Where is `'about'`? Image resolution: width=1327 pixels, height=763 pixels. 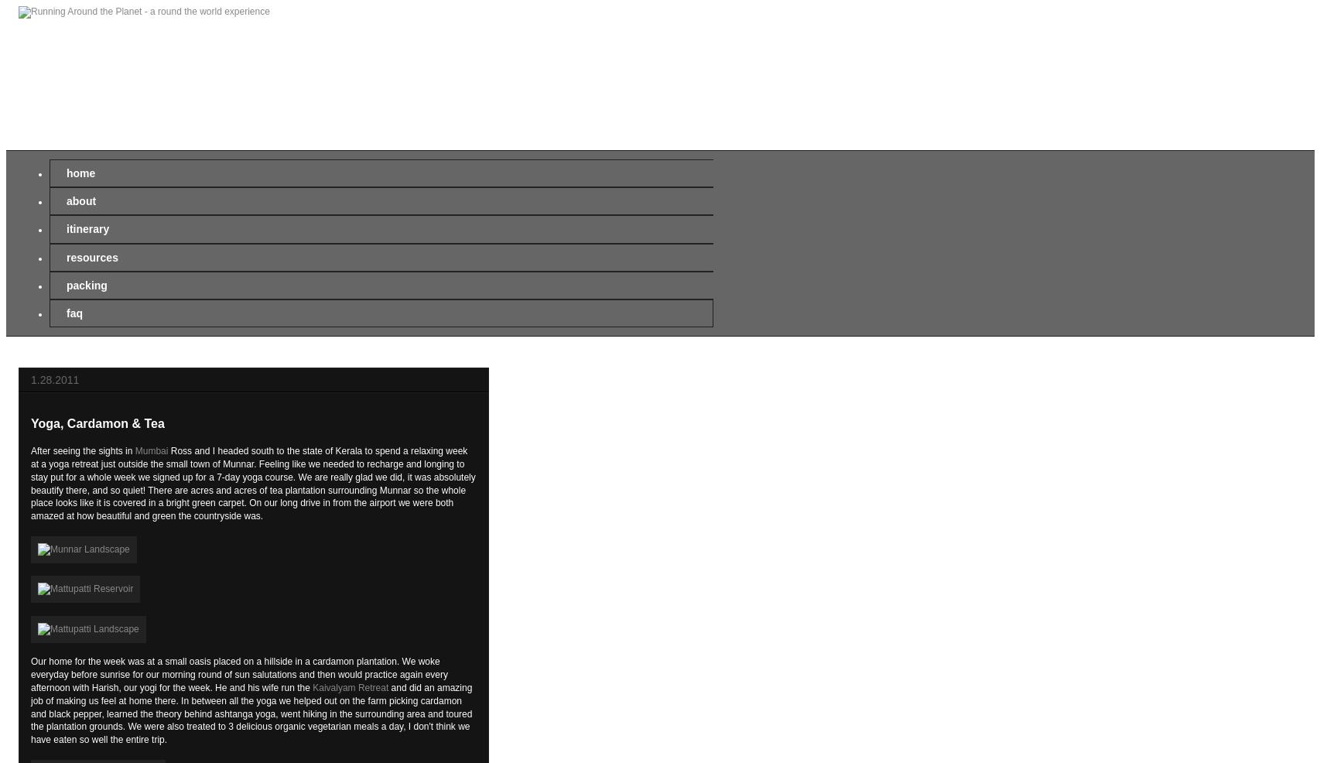
'about' is located at coordinates (65, 201).